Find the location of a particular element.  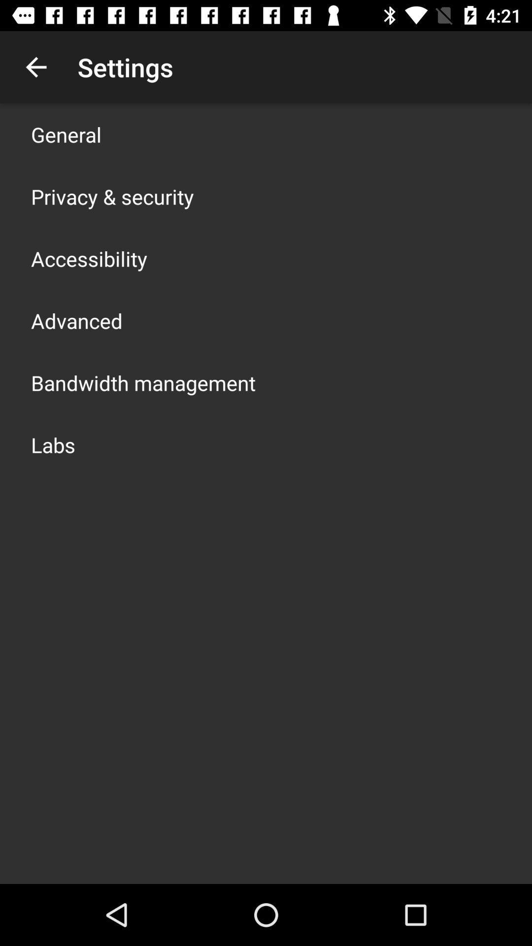

the accessibility app is located at coordinates (89, 258).